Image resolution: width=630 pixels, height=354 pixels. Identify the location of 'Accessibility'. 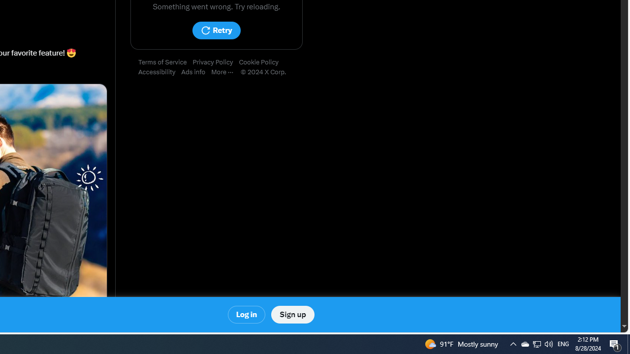
(160, 72).